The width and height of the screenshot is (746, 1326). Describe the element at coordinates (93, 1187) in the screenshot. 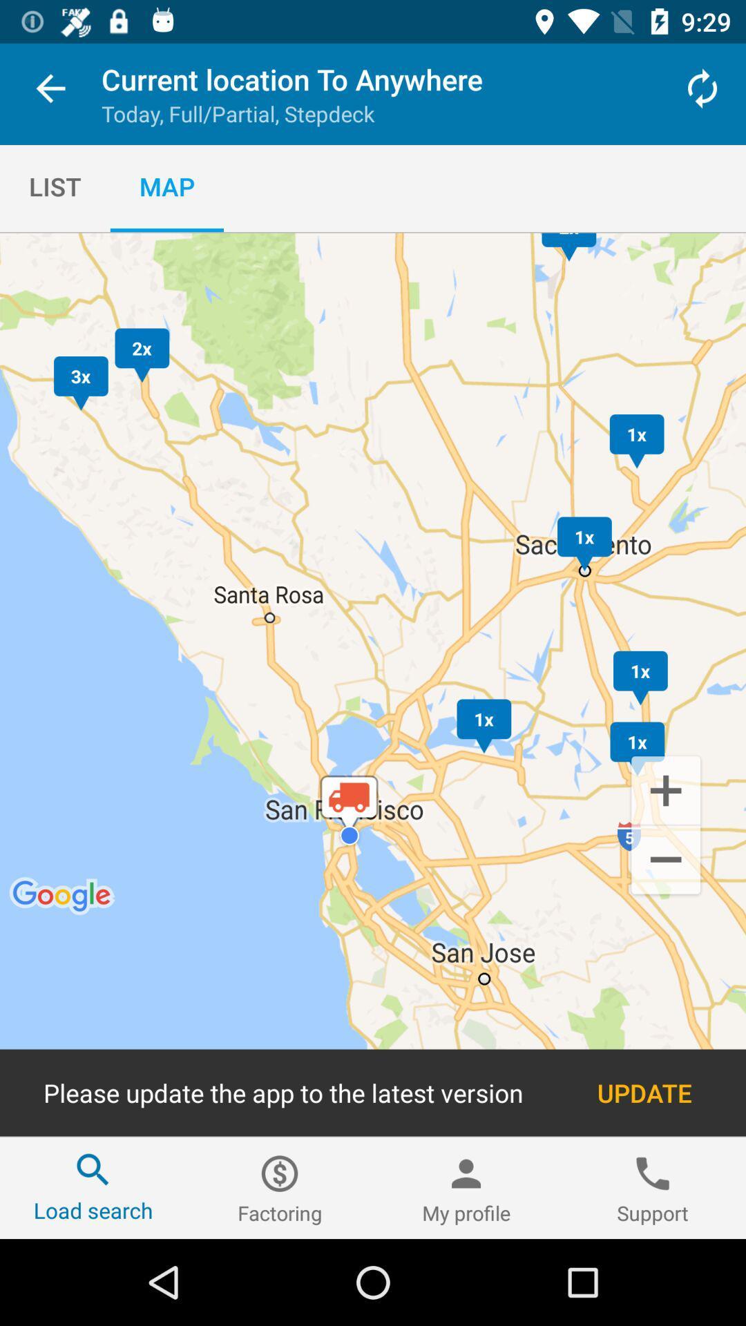

I see `icon to the left of the factoring icon` at that location.